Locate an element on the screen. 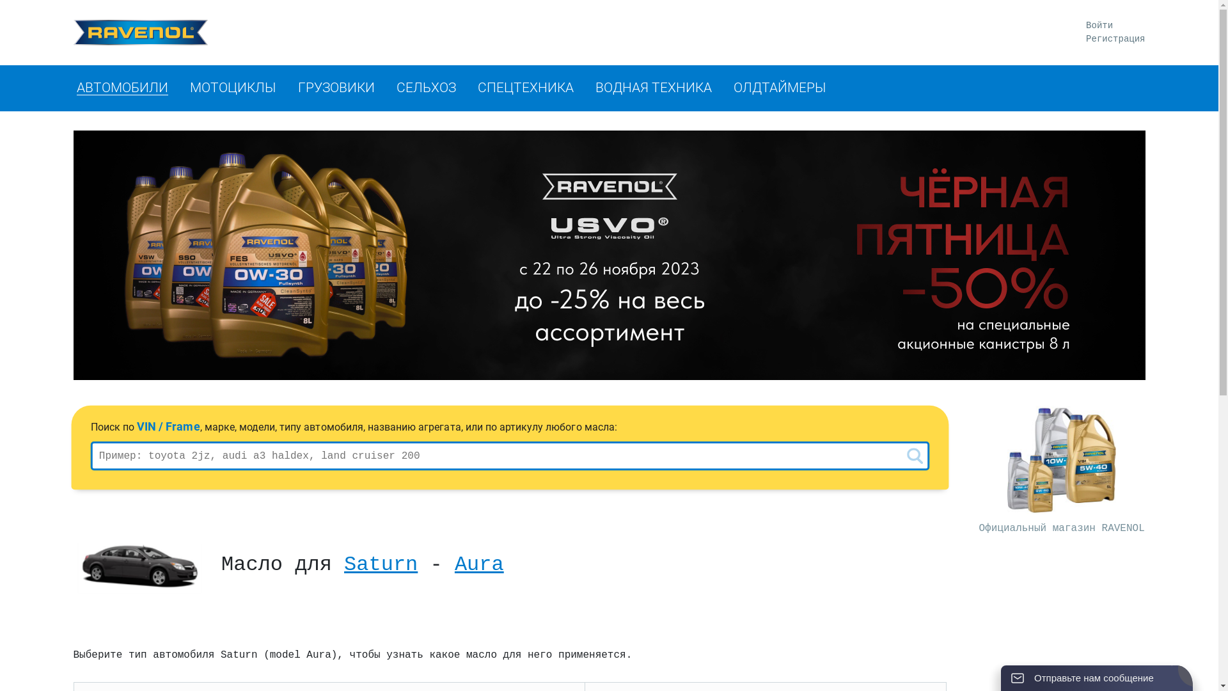  'Saturn Aura' is located at coordinates (139, 568).